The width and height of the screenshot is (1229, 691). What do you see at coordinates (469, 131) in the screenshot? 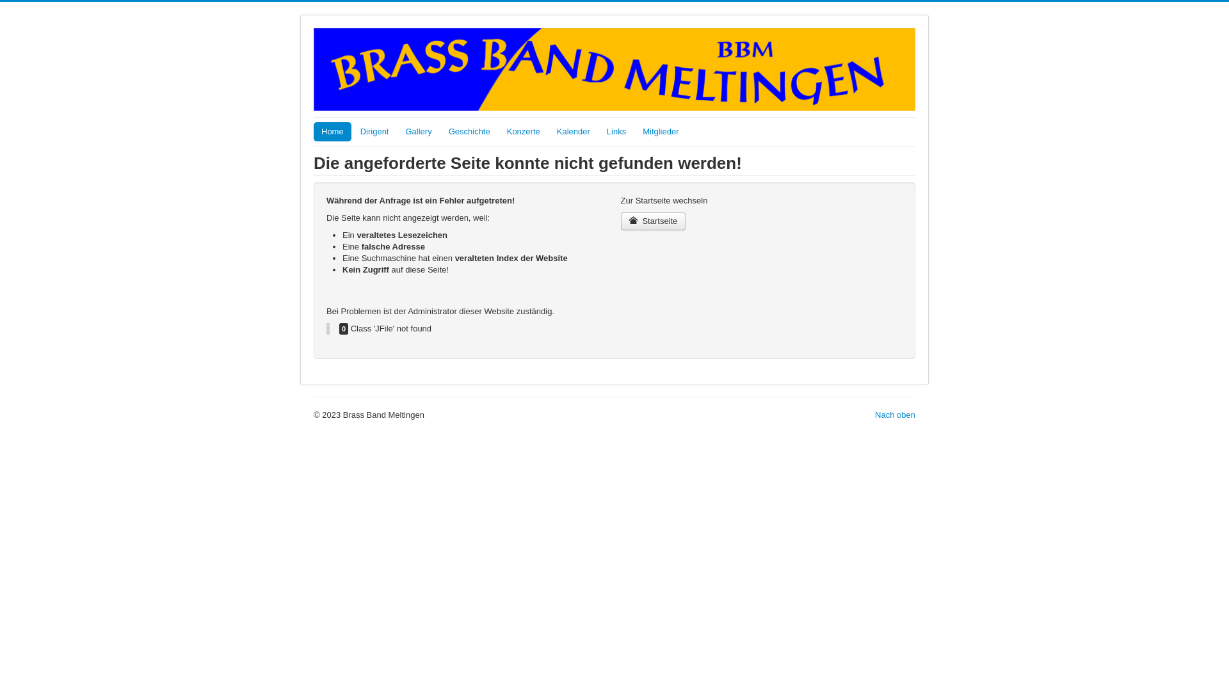
I see `'Geschichte'` at bounding box center [469, 131].